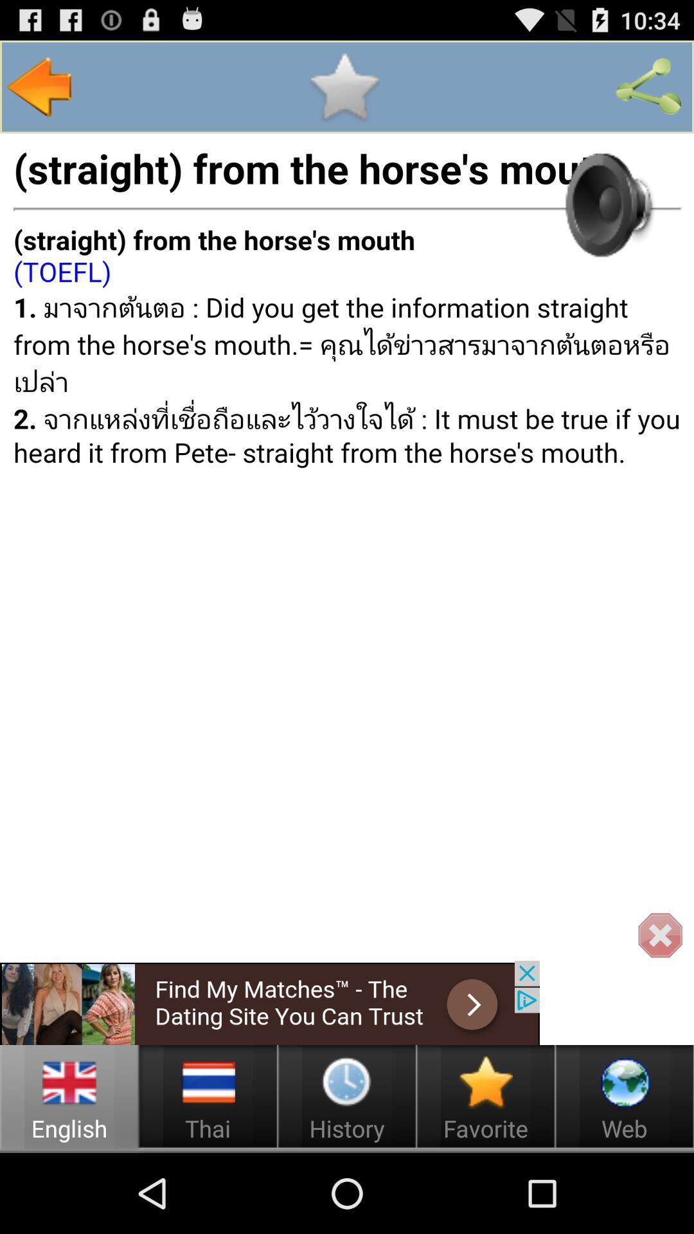 This screenshot has width=694, height=1234. What do you see at coordinates (660, 936) in the screenshot?
I see `bottom right x icon` at bounding box center [660, 936].